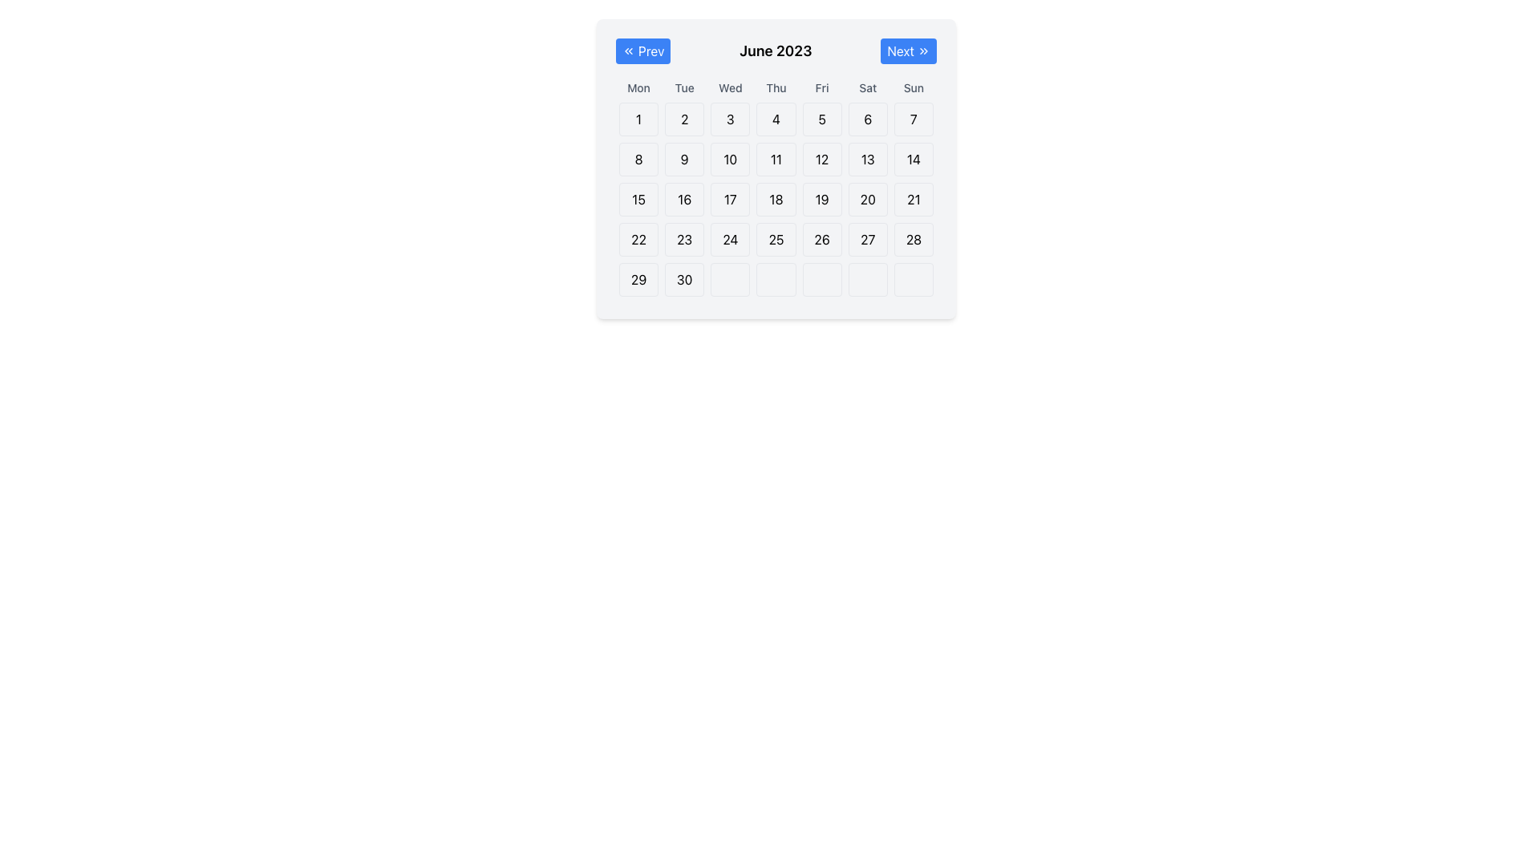 This screenshot has width=1540, height=866. Describe the element at coordinates (684, 278) in the screenshot. I see `the button labeled '30' using keyboard navigation` at that location.